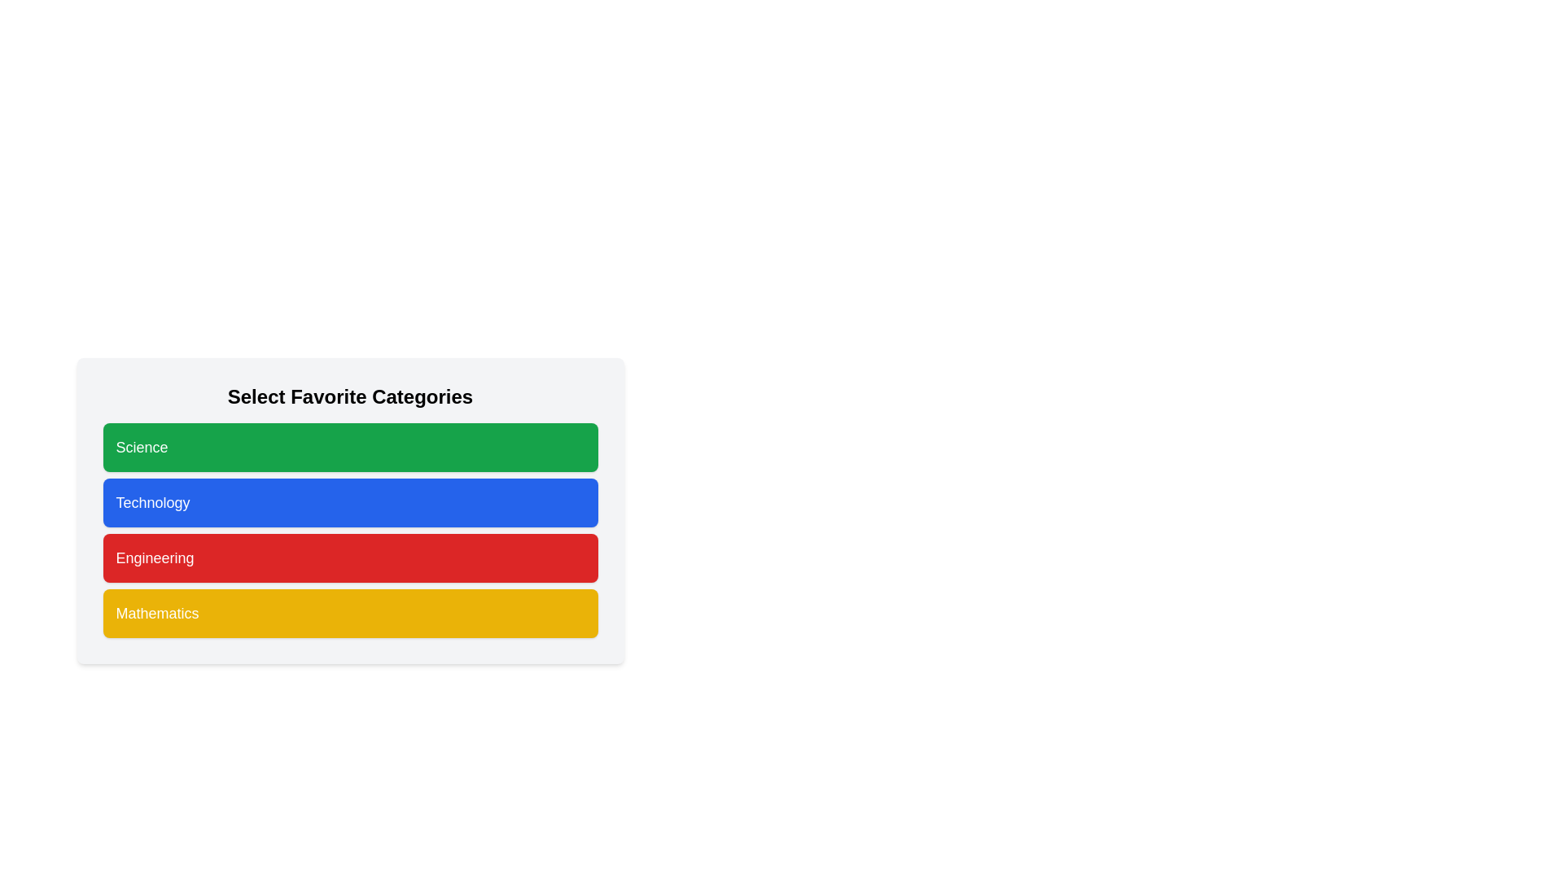 This screenshot has height=879, width=1563. I want to click on the 'Engineering' button with a red background and bold white text, so click(349, 558).